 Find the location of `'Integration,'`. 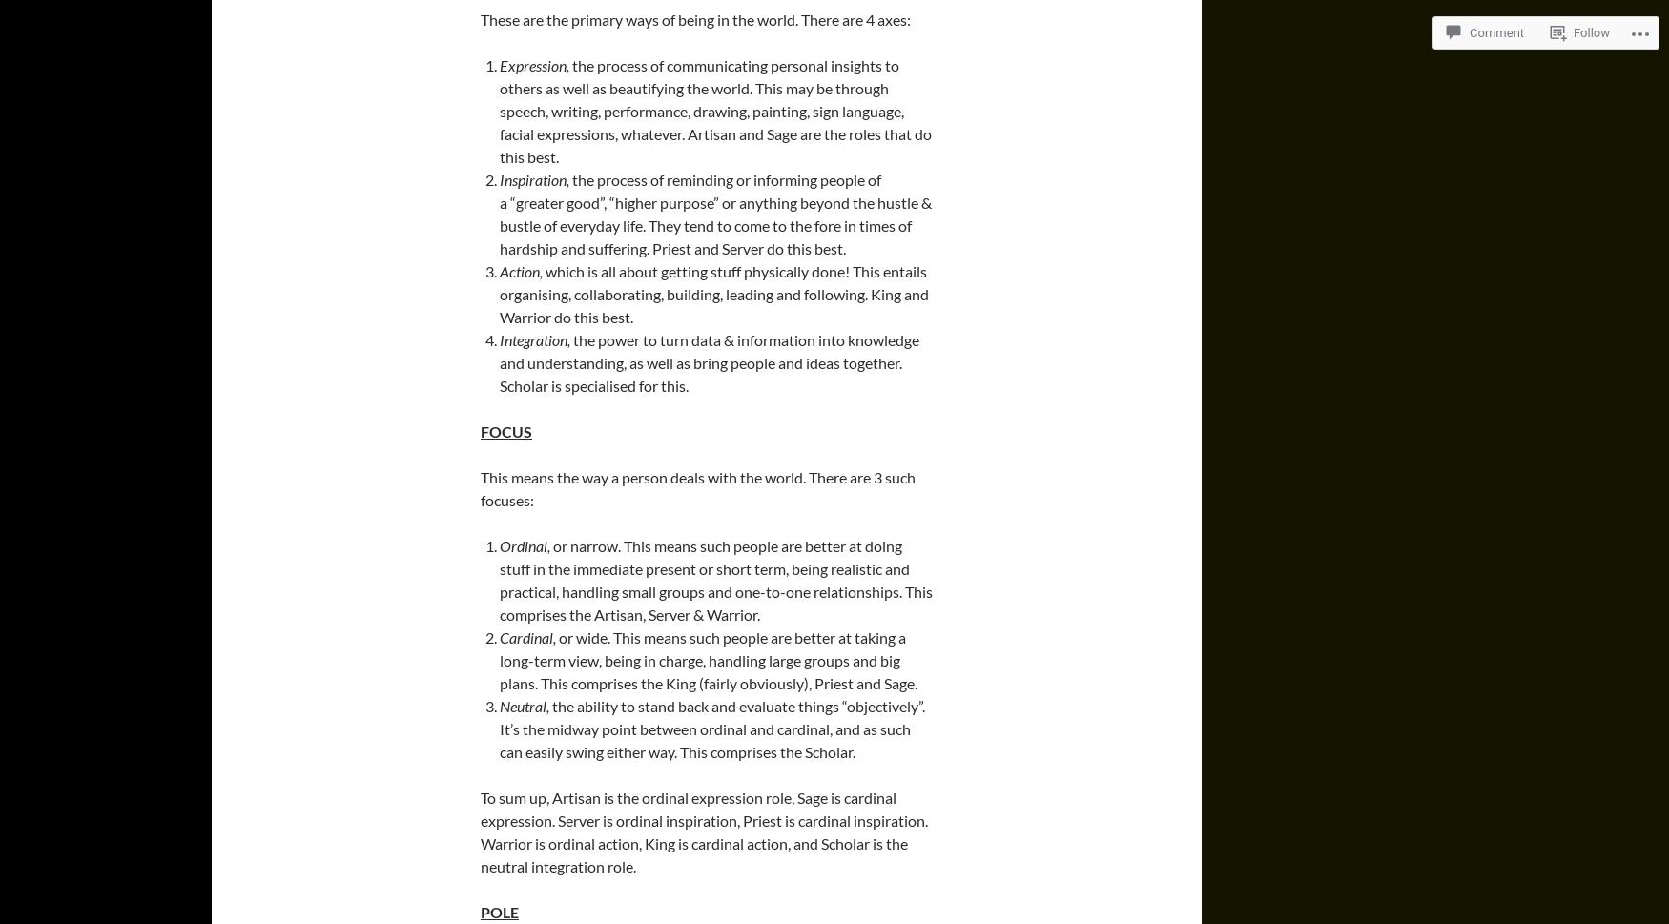

'Integration,' is located at coordinates (534, 339).